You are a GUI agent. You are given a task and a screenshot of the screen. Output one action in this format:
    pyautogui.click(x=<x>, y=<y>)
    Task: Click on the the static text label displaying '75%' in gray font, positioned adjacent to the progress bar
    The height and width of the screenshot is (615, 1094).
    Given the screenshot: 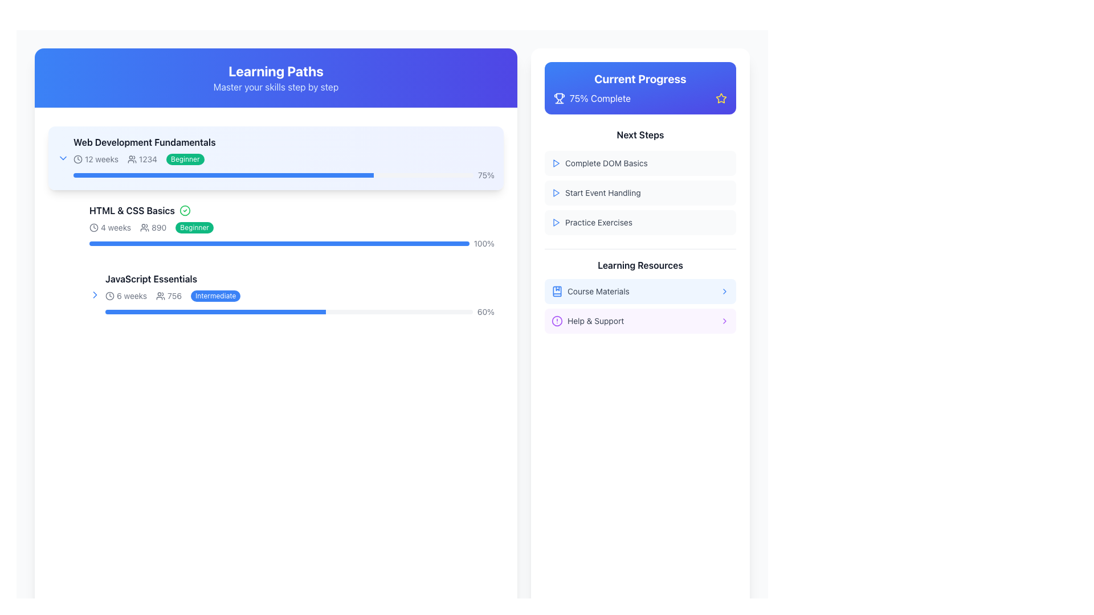 What is the action you would take?
    pyautogui.click(x=486, y=175)
    